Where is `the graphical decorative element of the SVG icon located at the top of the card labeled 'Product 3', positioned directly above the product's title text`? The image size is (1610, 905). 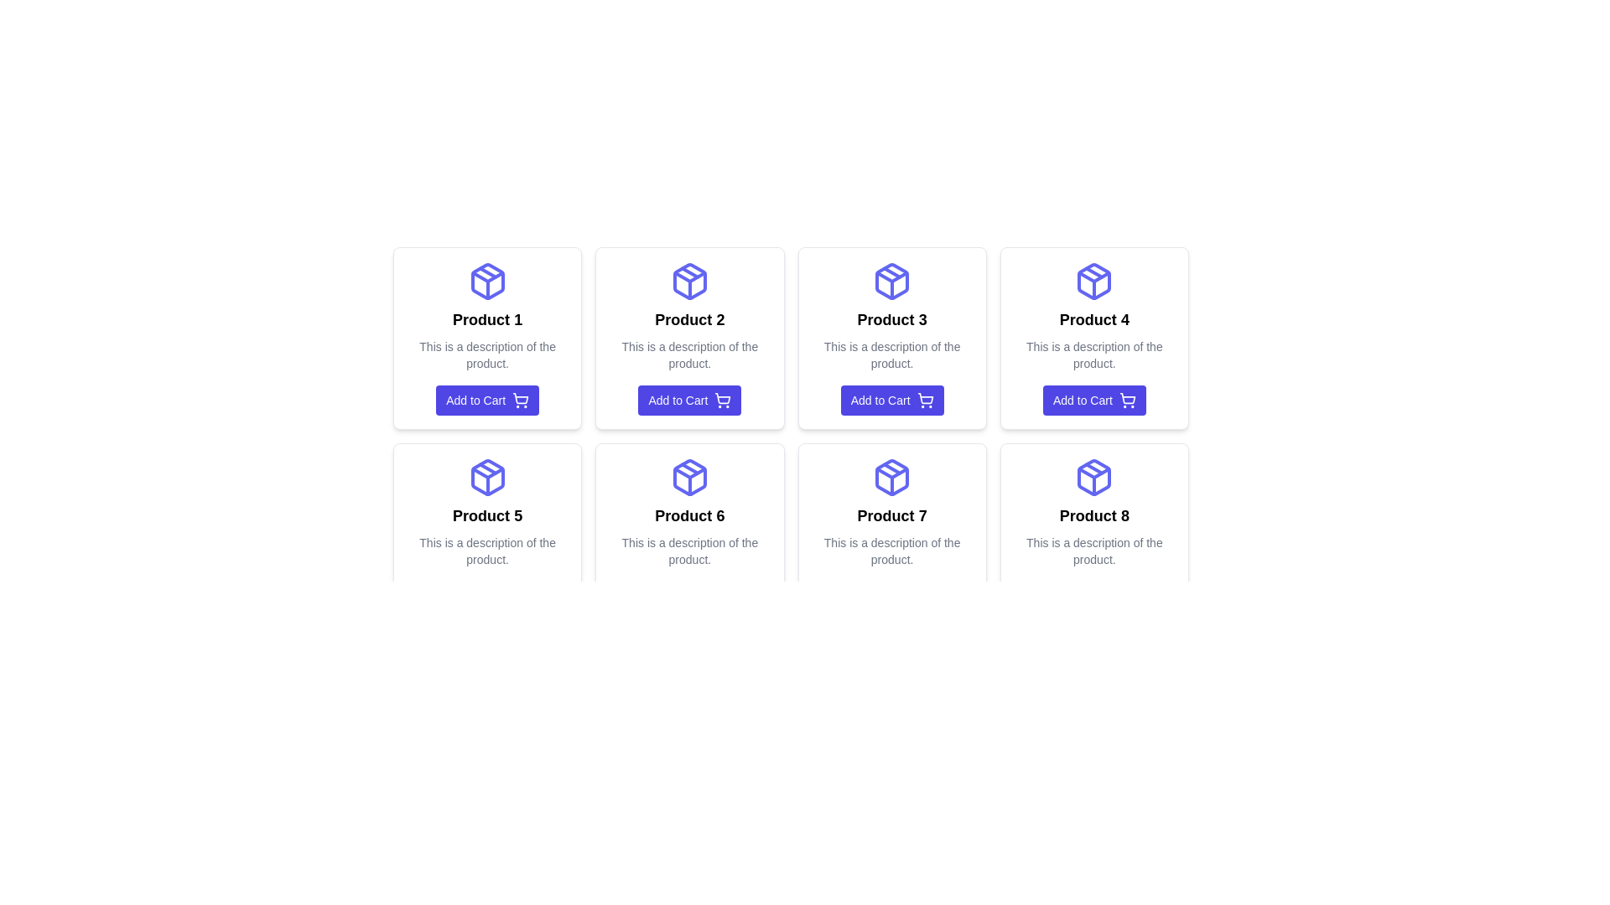 the graphical decorative element of the SVG icon located at the top of the card labeled 'Product 3', positioned directly above the product's title text is located at coordinates (891, 277).